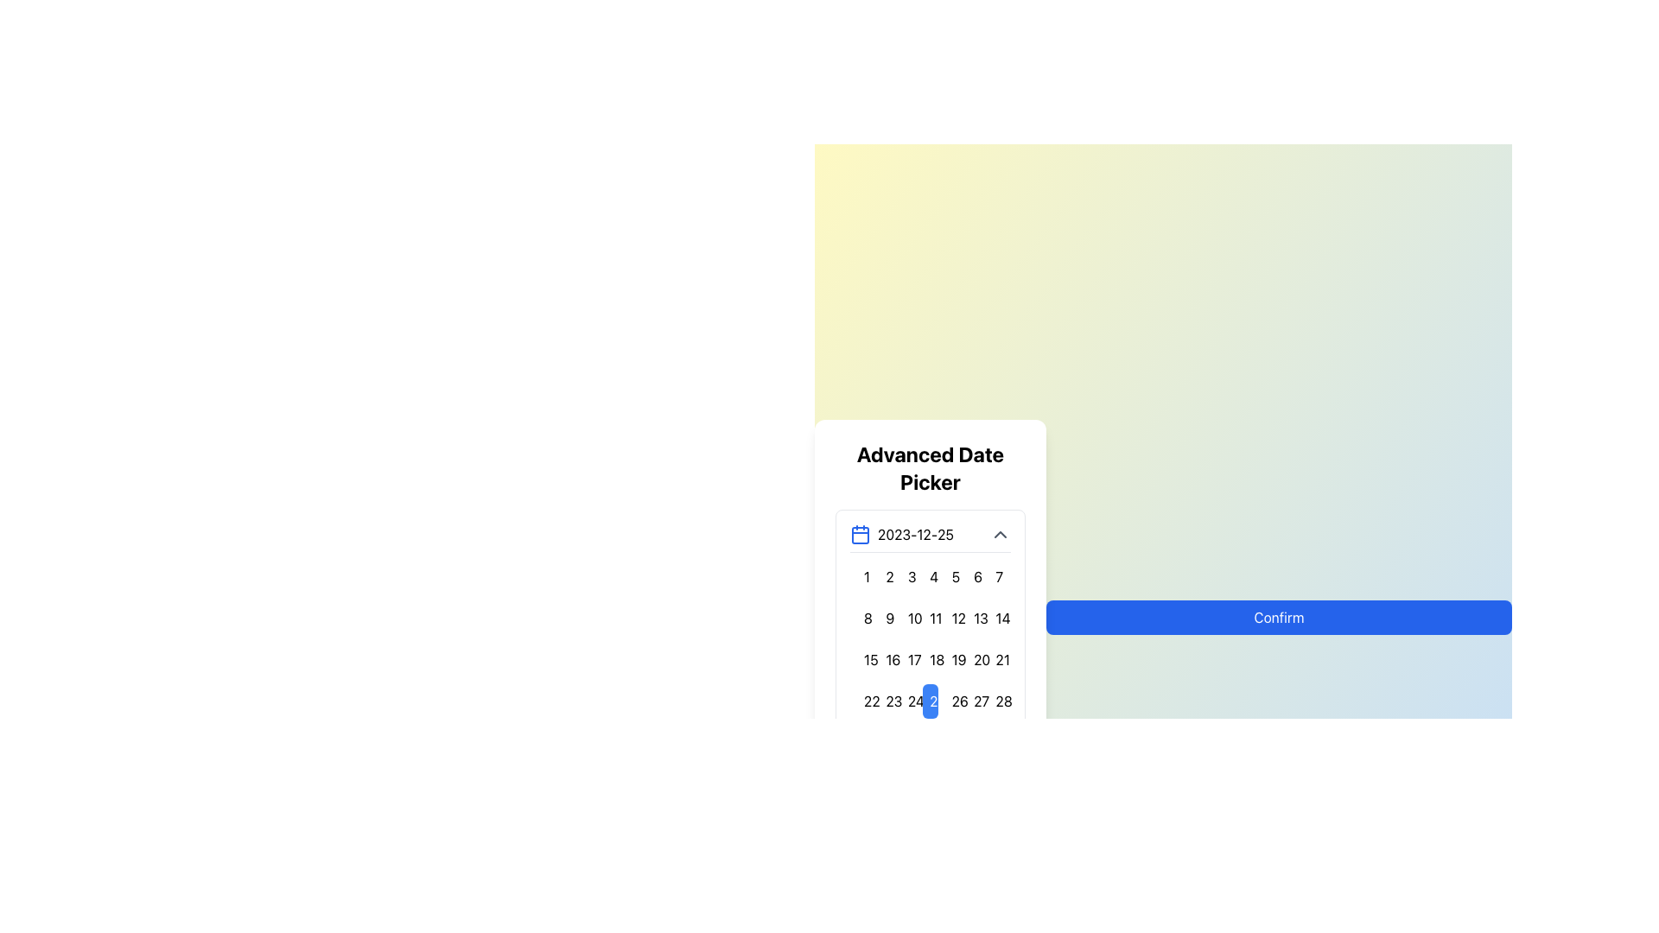  What do you see at coordinates (887, 617) in the screenshot?
I see `the rounded rectangular button labeled '9' located in the second column of the second row within the calendar interface` at bounding box center [887, 617].